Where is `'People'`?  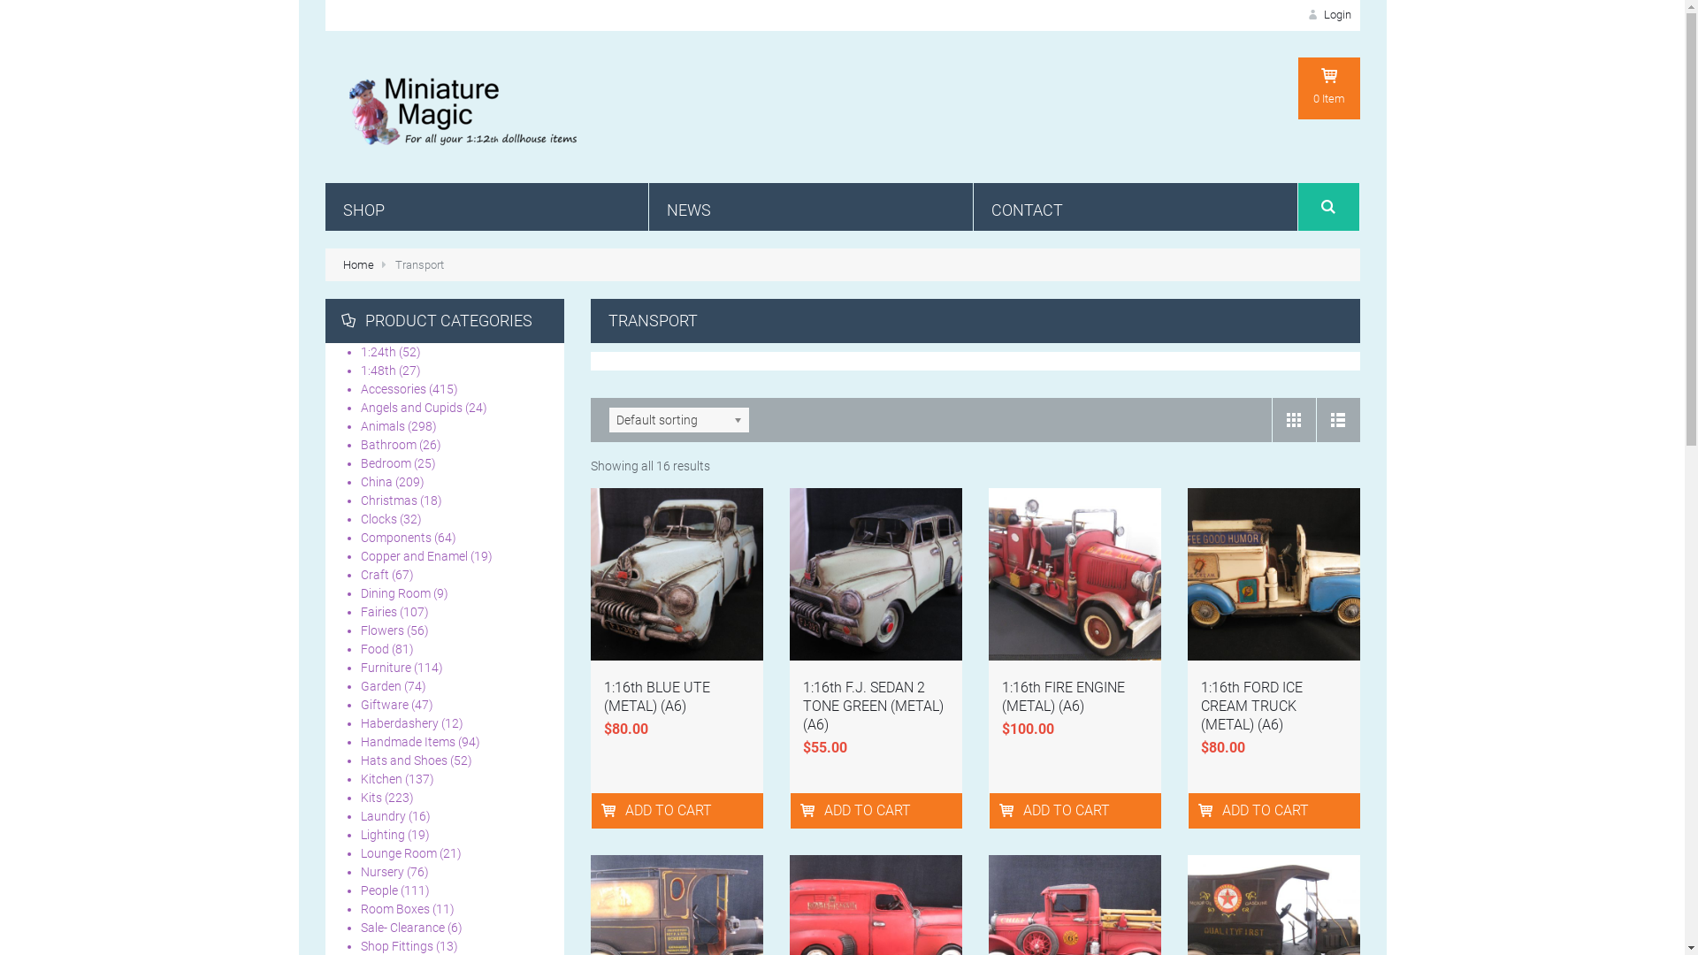
'People' is located at coordinates (378, 890).